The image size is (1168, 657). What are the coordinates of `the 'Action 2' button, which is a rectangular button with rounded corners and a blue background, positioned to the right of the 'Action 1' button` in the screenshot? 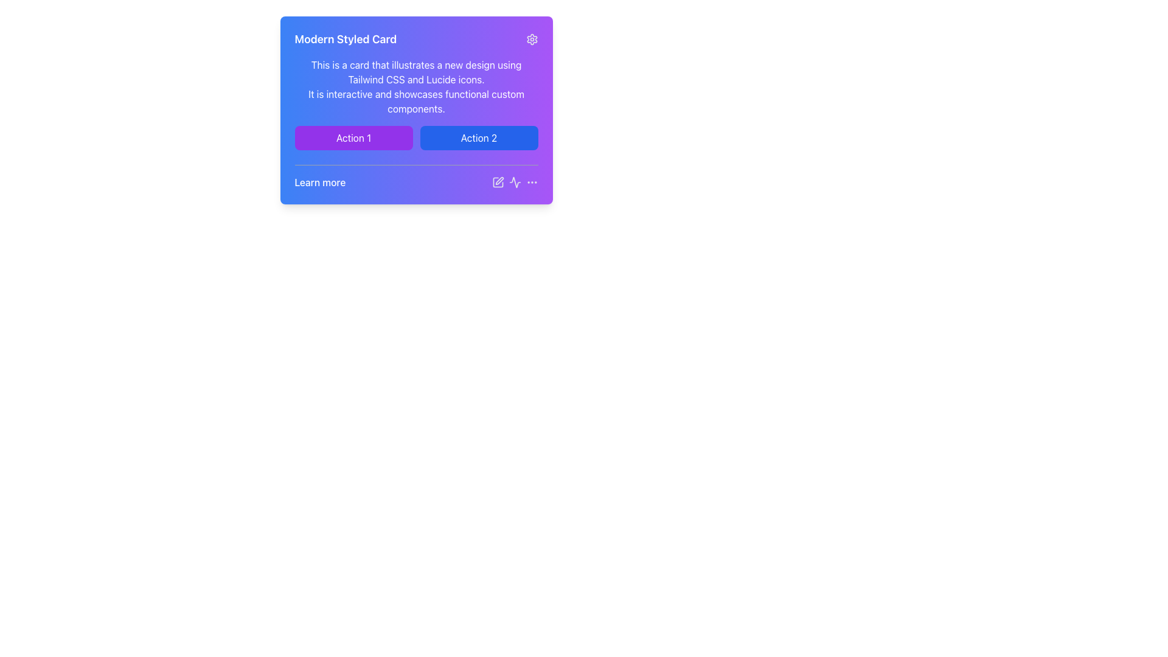 It's located at (478, 137).